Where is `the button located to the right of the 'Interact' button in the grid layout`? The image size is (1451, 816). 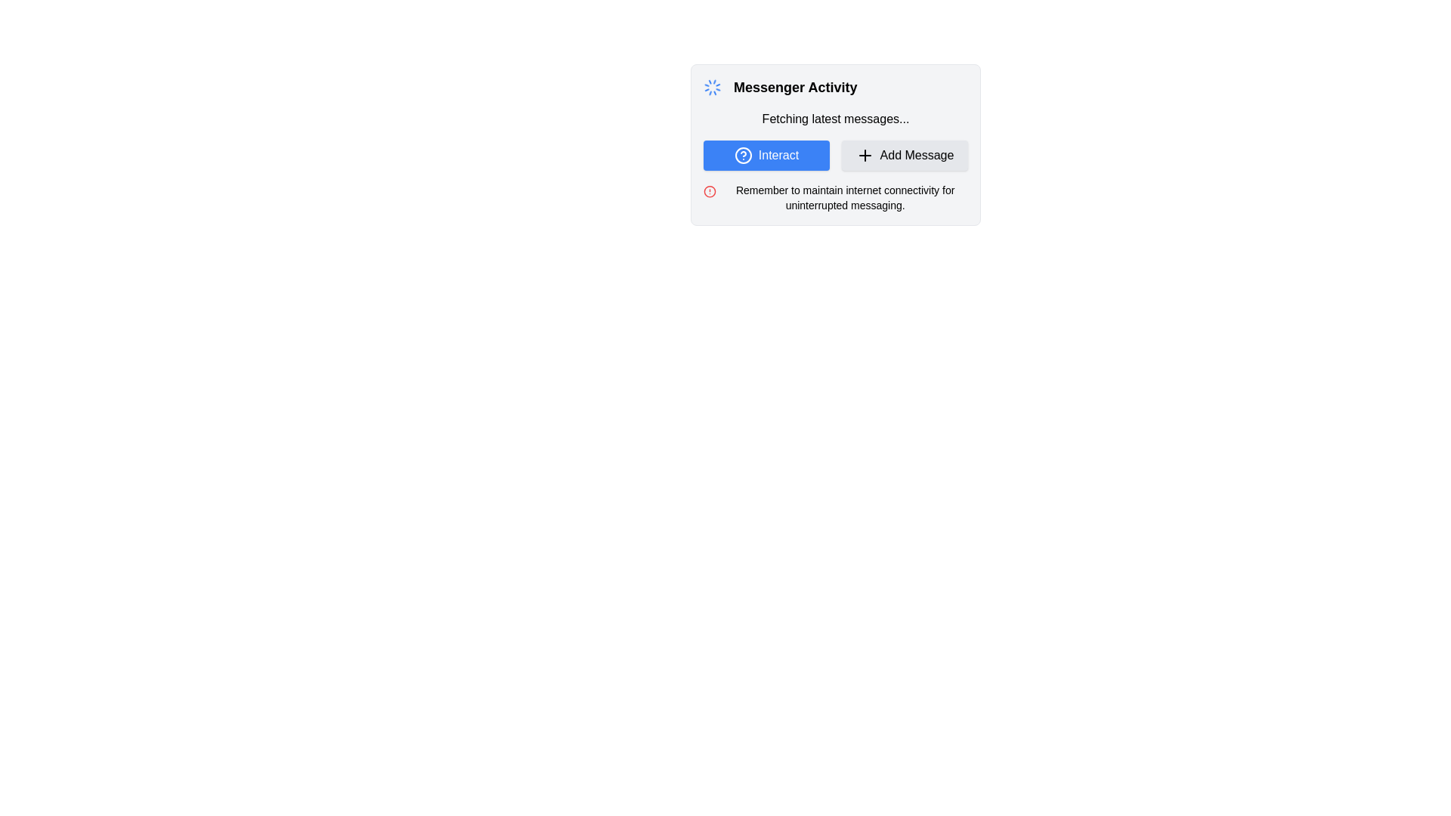
the button located to the right of the 'Interact' button in the grid layout is located at coordinates (905, 155).